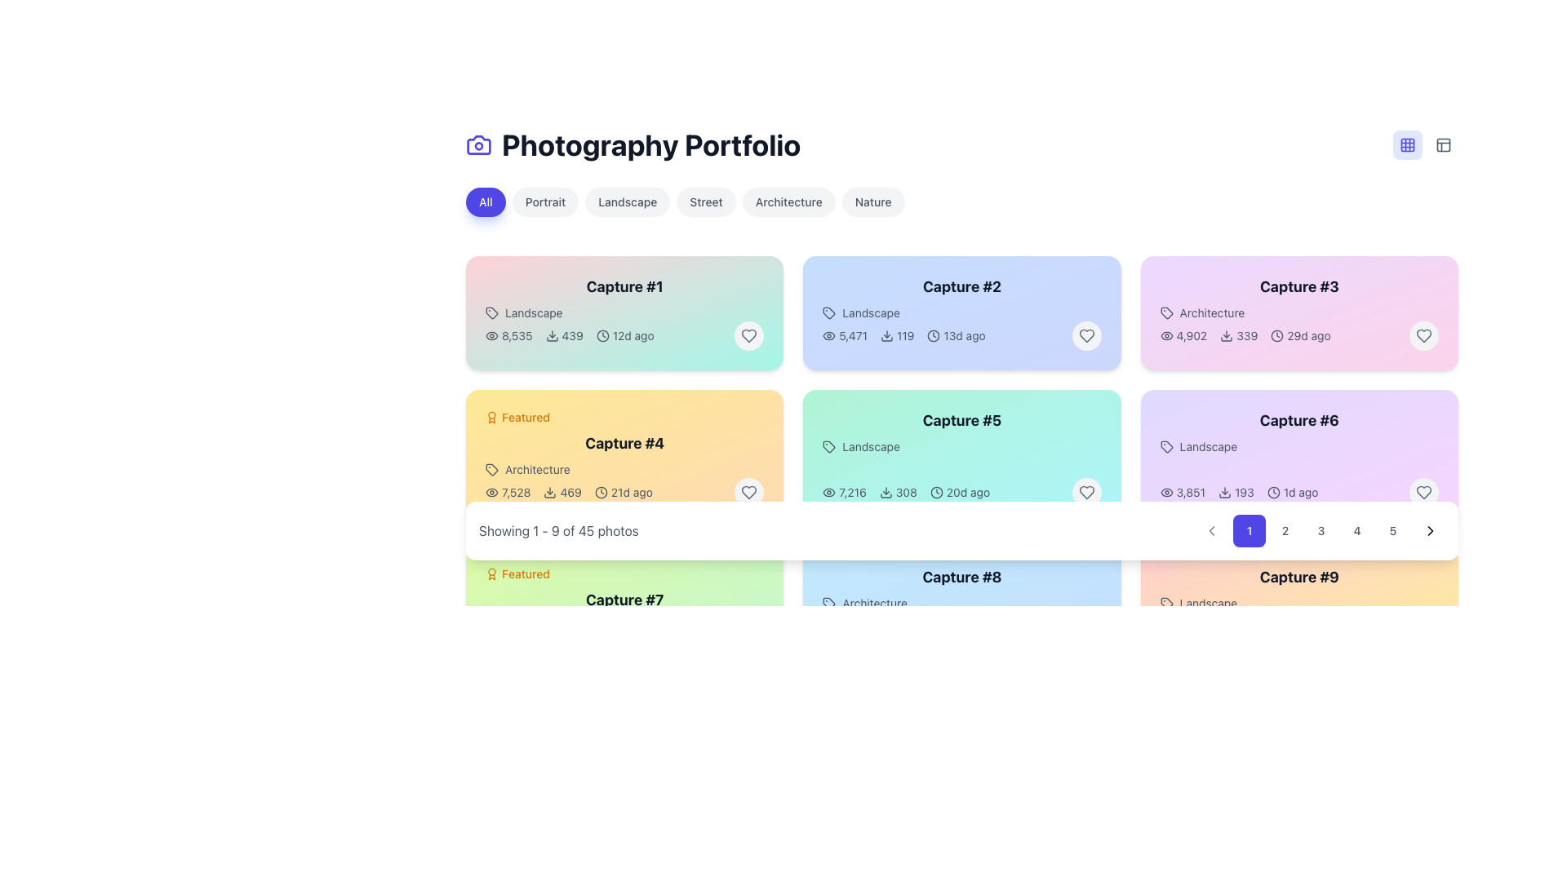  I want to click on the Custom SVG graphical badge that marks the 'Capture #4' card as 'Featured', which is positioned leftmost before the 'Featured' text in the yellow-colored box, so click(491, 417).